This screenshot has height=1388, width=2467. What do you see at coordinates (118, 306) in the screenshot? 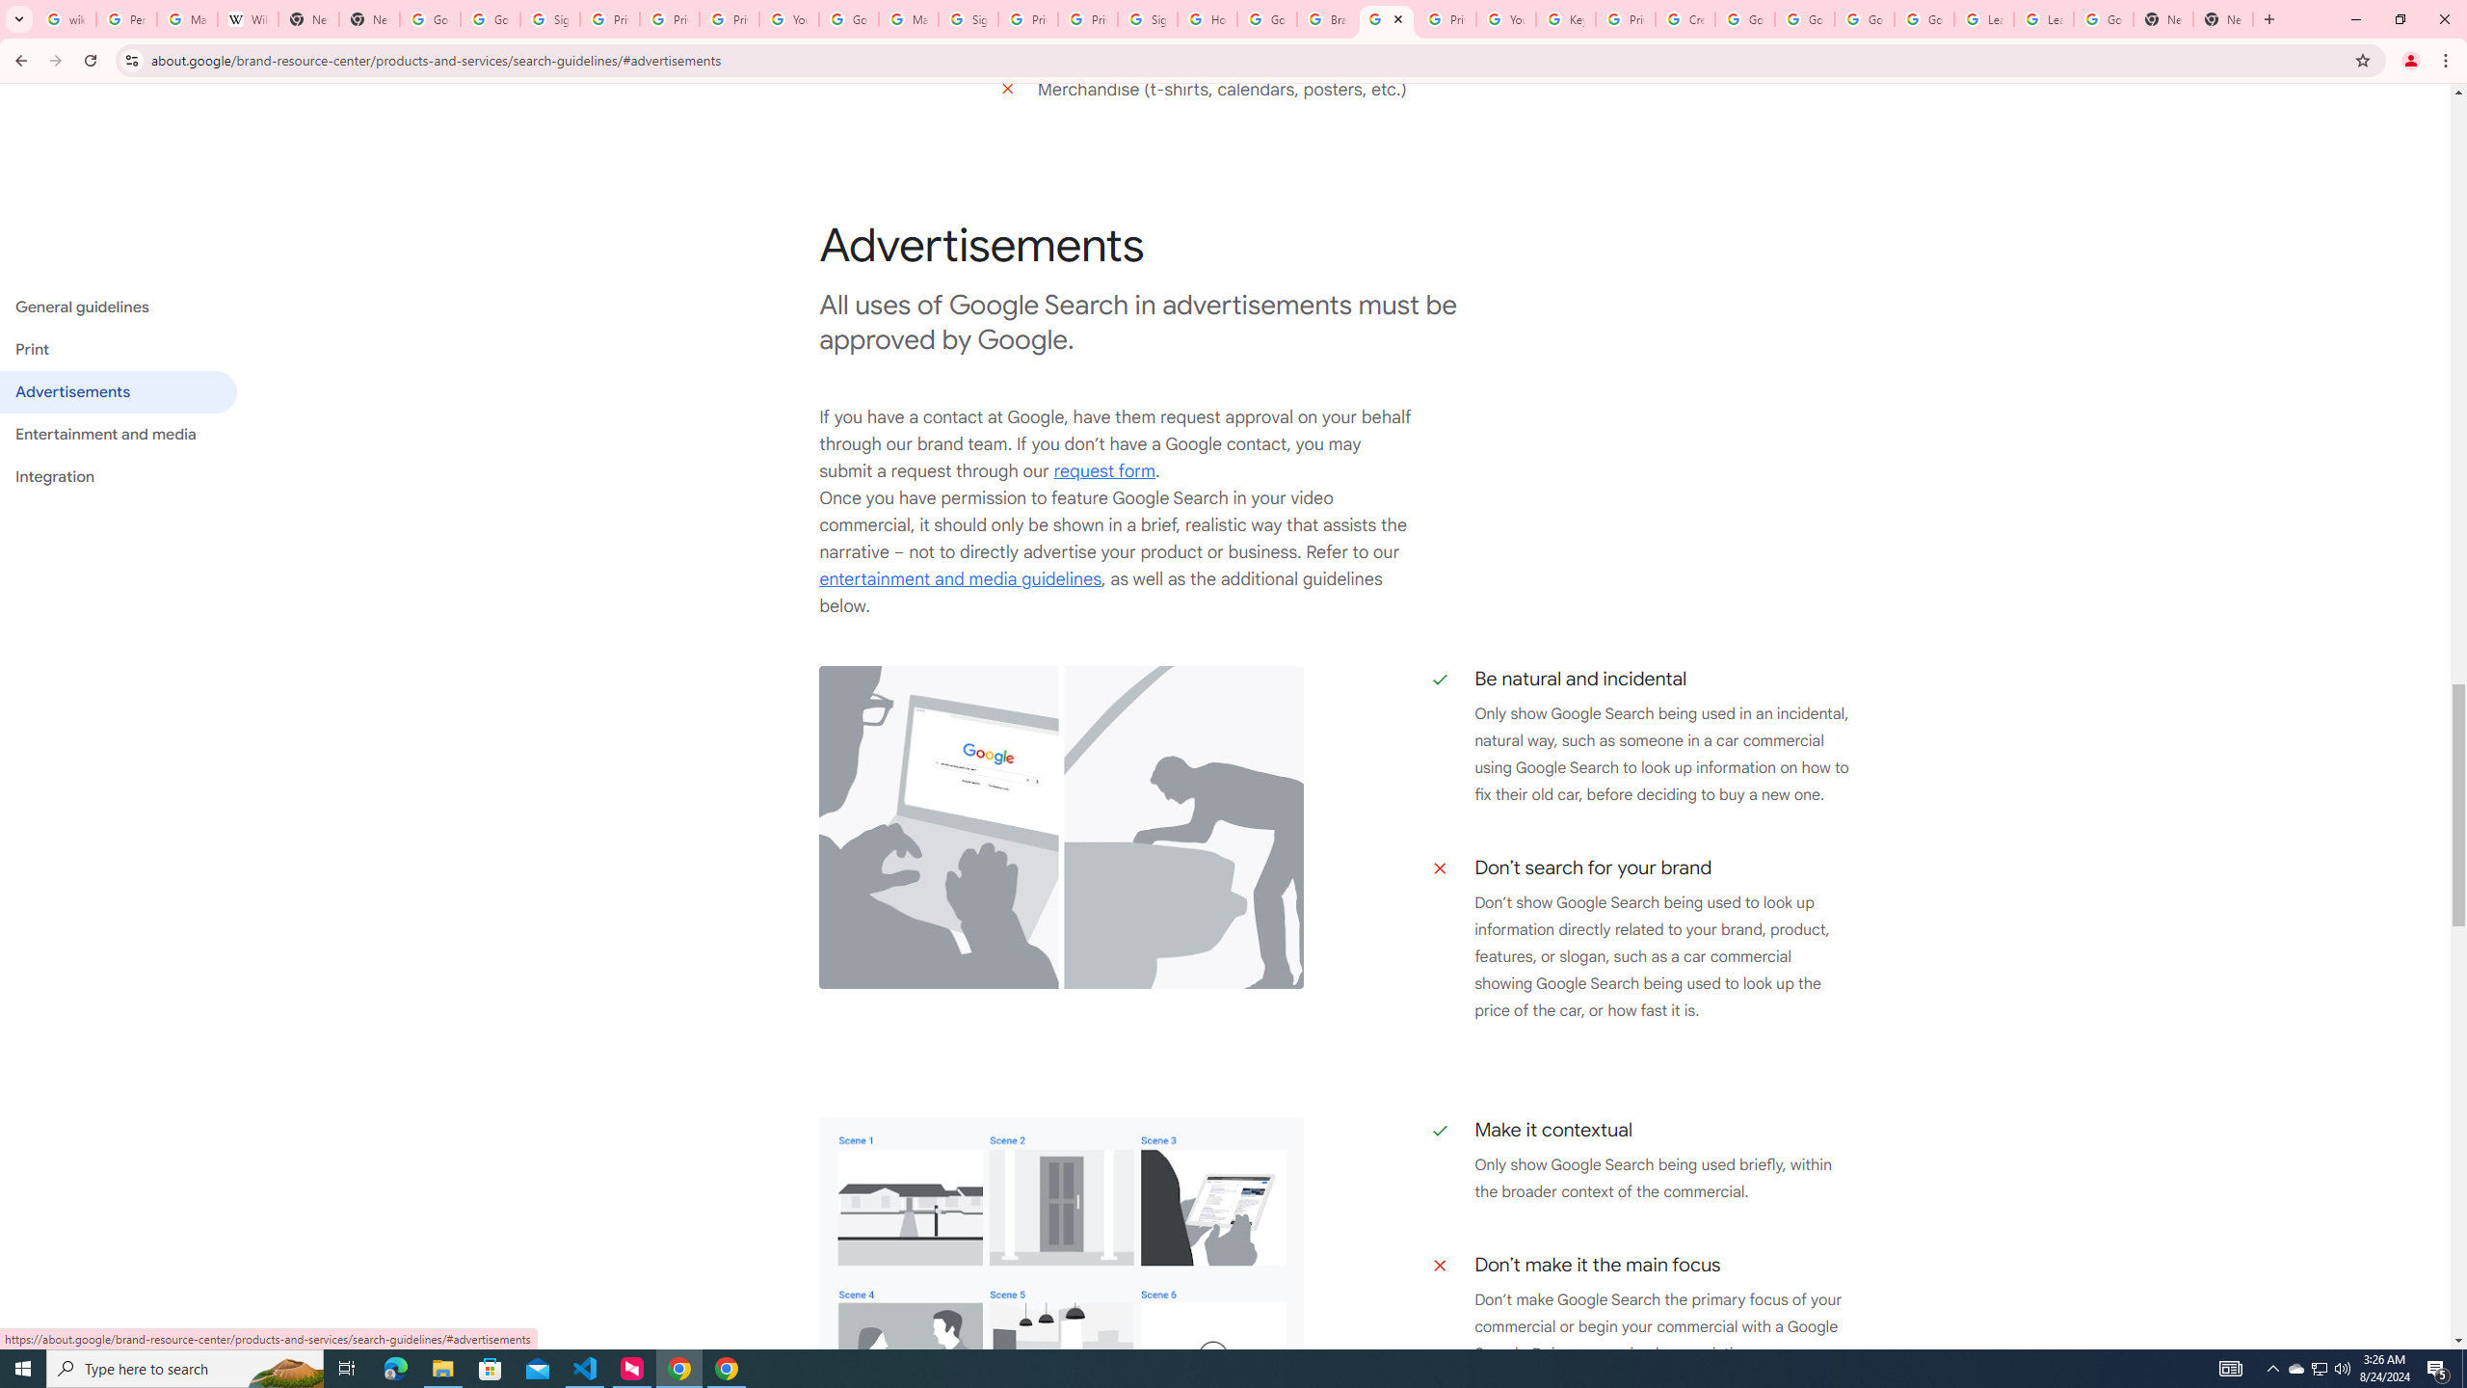
I see `'General guidelines'` at bounding box center [118, 306].